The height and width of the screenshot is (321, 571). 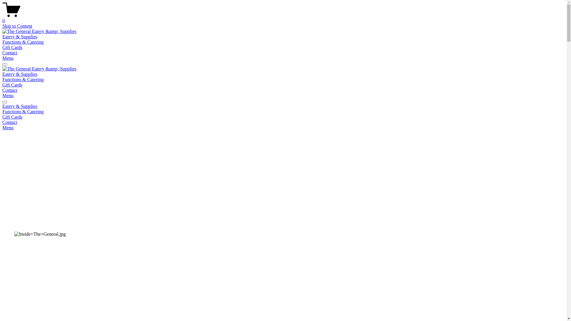 I want to click on 'Functions & Catering', so click(x=2, y=79).